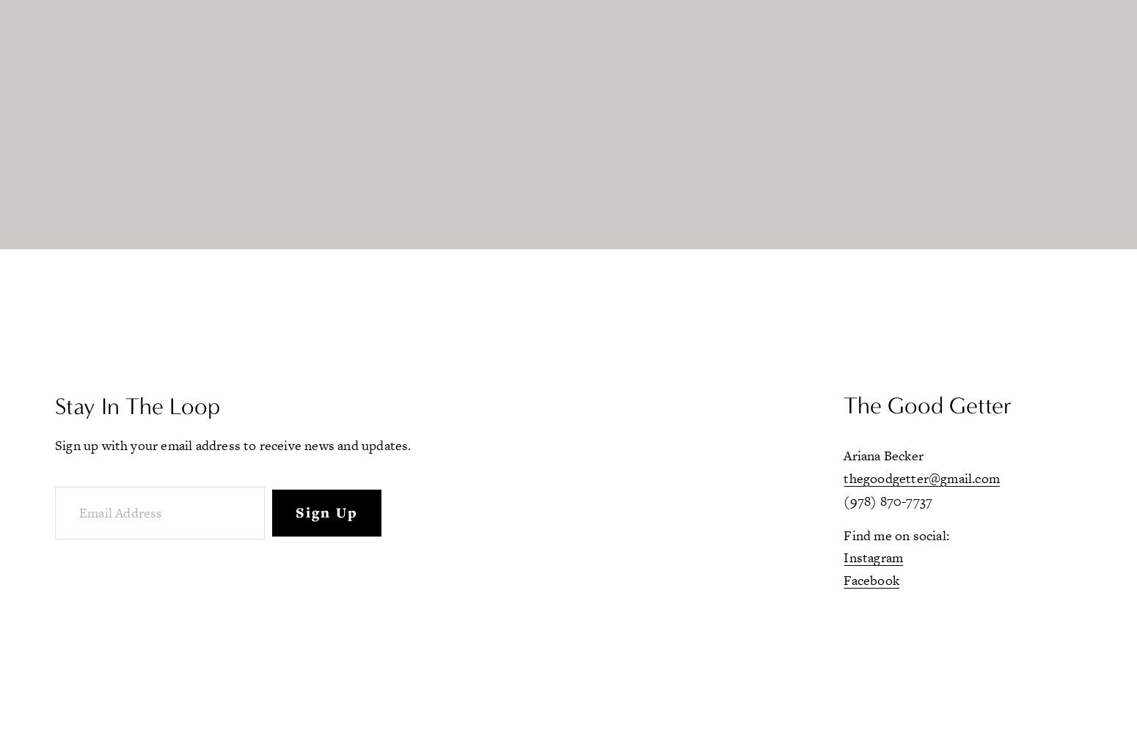 The width and height of the screenshot is (1137, 733). Describe the element at coordinates (873, 557) in the screenshot. I see `'Instagram'` at that location.